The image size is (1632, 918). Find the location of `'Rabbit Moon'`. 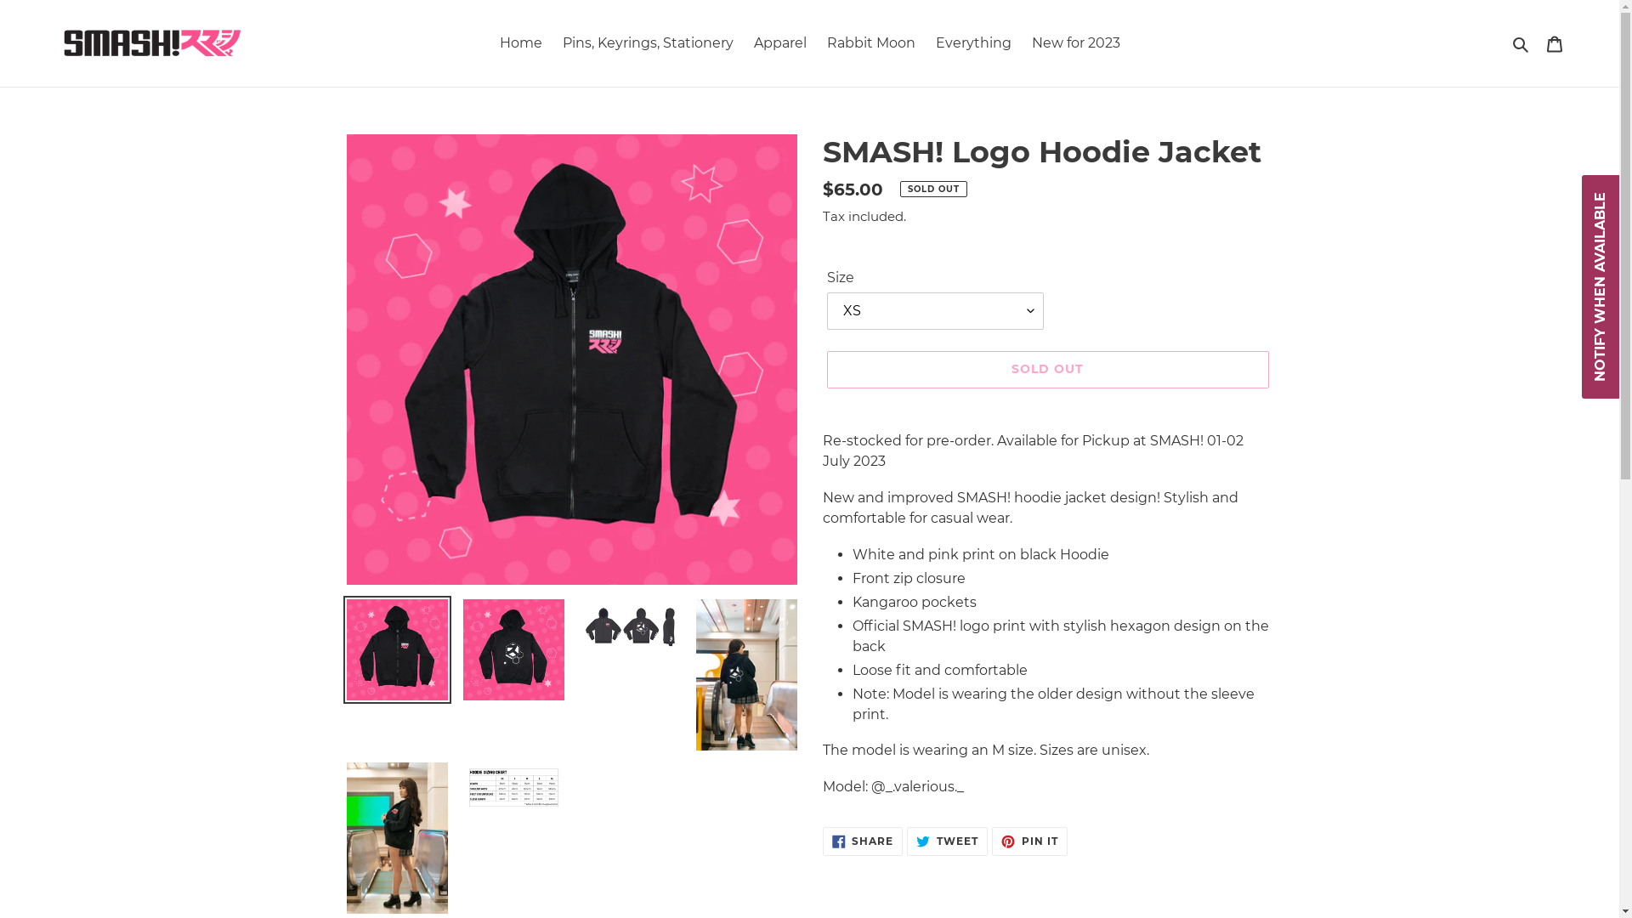

'Rabbit Moon' is located at coordinates (870, 42).